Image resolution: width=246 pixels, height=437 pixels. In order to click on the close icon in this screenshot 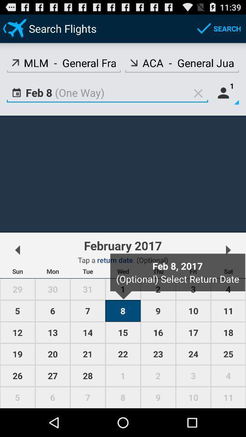, I will do `click(198, 99)`.